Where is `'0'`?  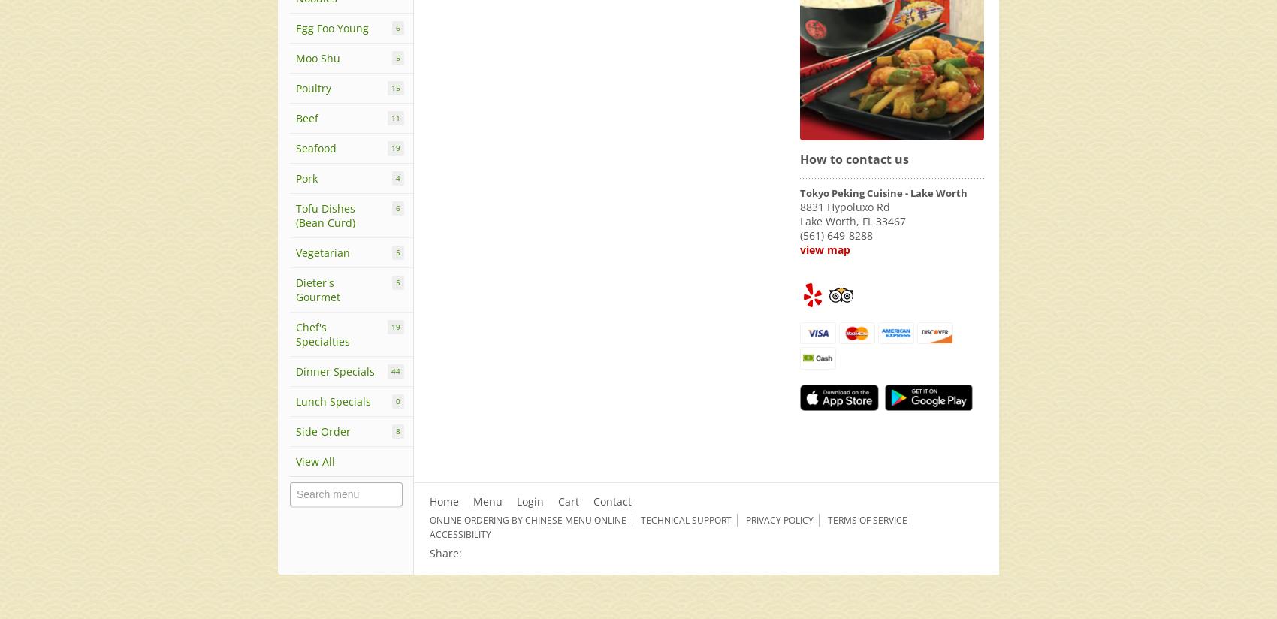
'0' is located at coordinates (397, 401).